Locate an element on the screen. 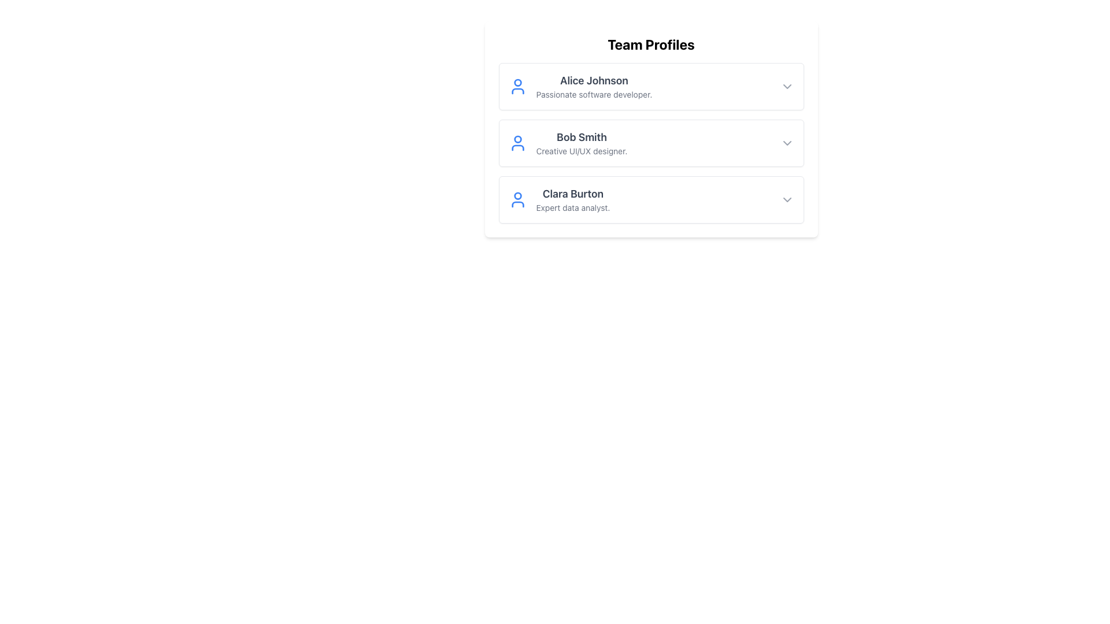 The image size is (1110, 624). the Profile Card displaying user information for 'Clara Burton', which is the last card in a vertical list of three is located at coordinates (651, 199).